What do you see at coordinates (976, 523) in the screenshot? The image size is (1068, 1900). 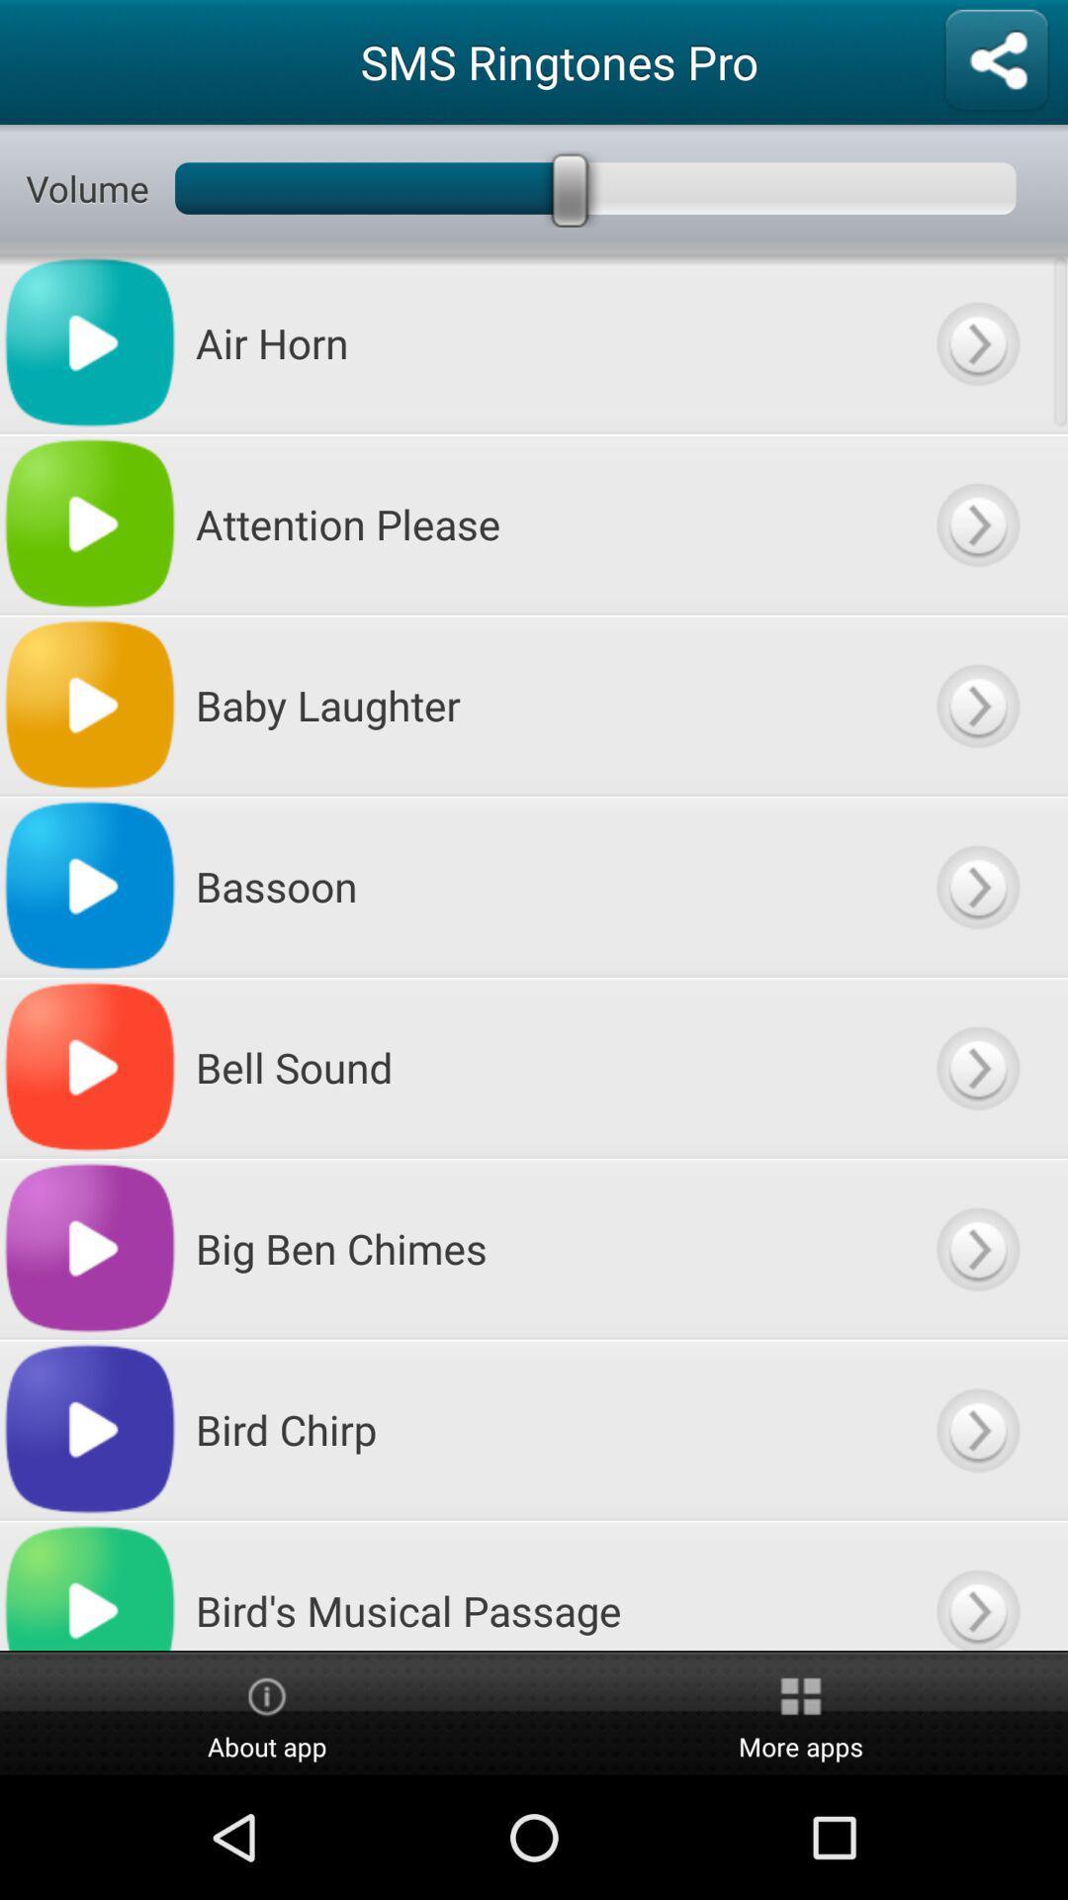 I see `attention please` at bounding box center [976, 523].